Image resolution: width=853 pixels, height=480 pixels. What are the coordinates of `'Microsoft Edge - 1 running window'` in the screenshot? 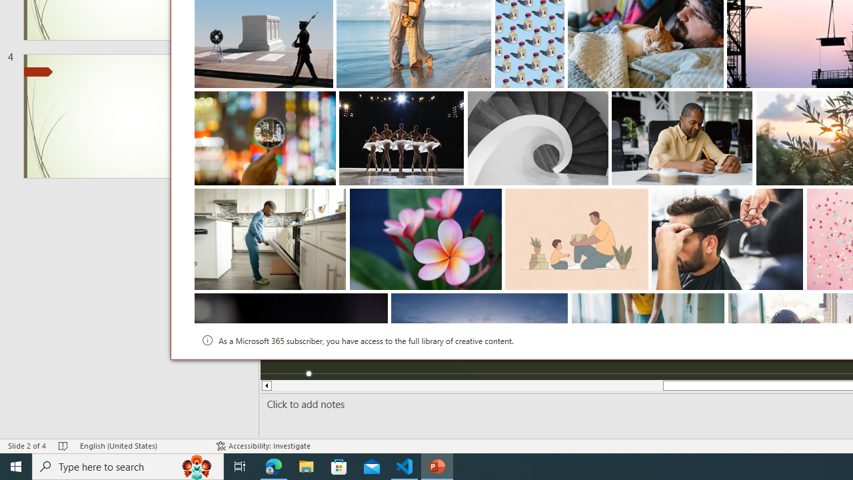 It's located at (273, 465).